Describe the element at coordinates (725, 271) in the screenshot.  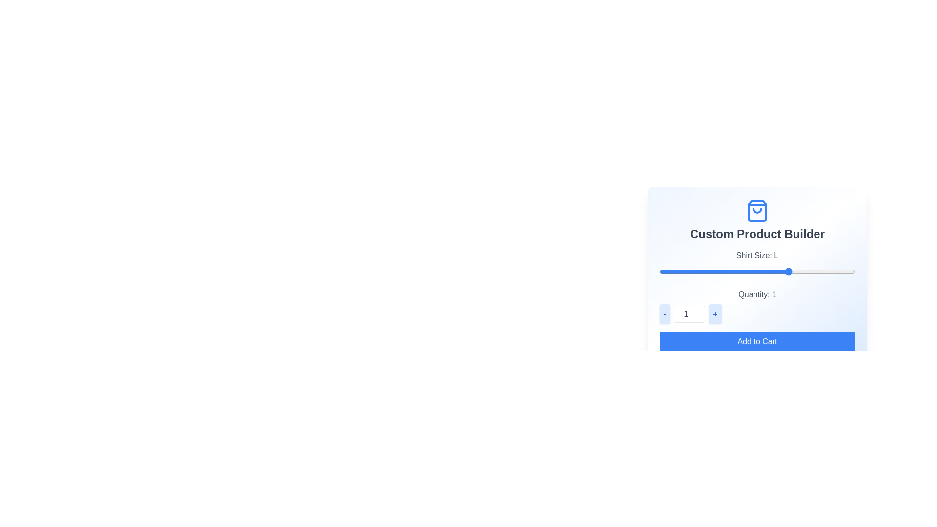
I see `the shirt size slider` at that location.